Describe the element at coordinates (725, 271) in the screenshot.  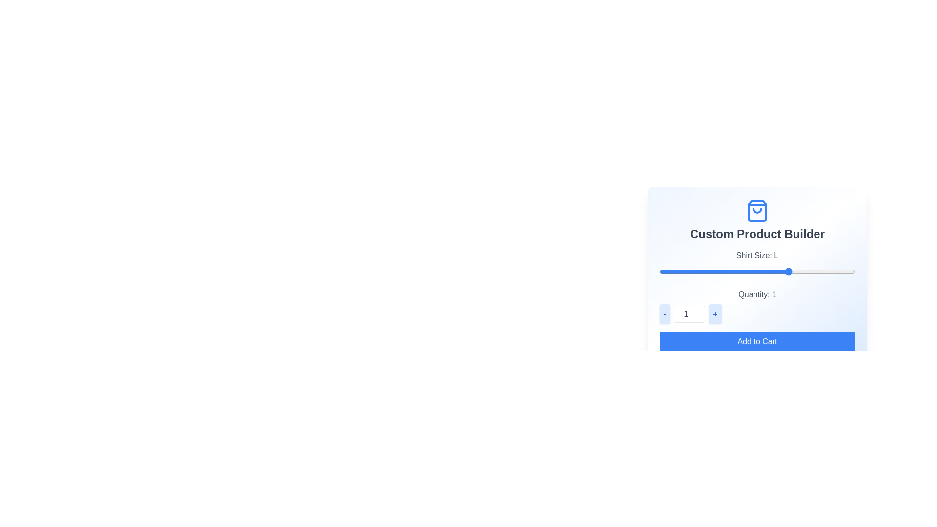
I see `the shirt size slider` at that location.